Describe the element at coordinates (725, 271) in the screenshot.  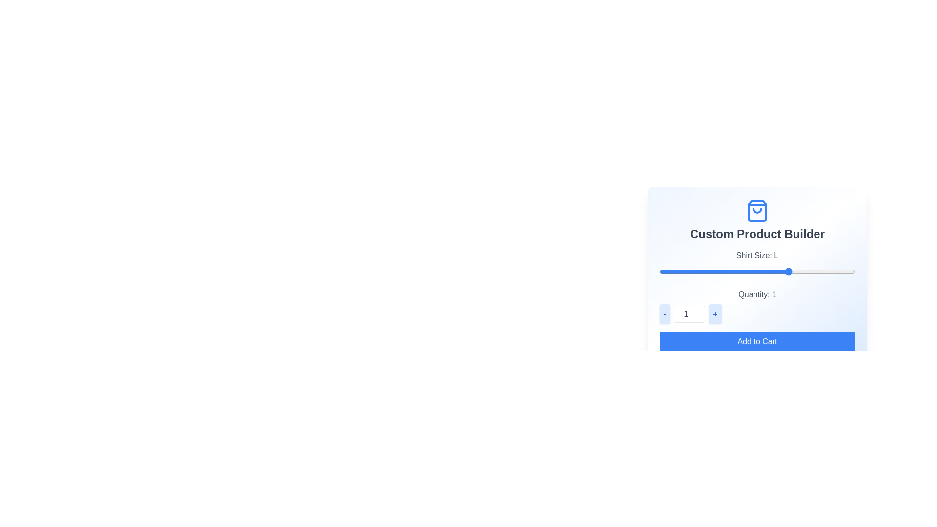
I see `the shirt size slider` at that location.